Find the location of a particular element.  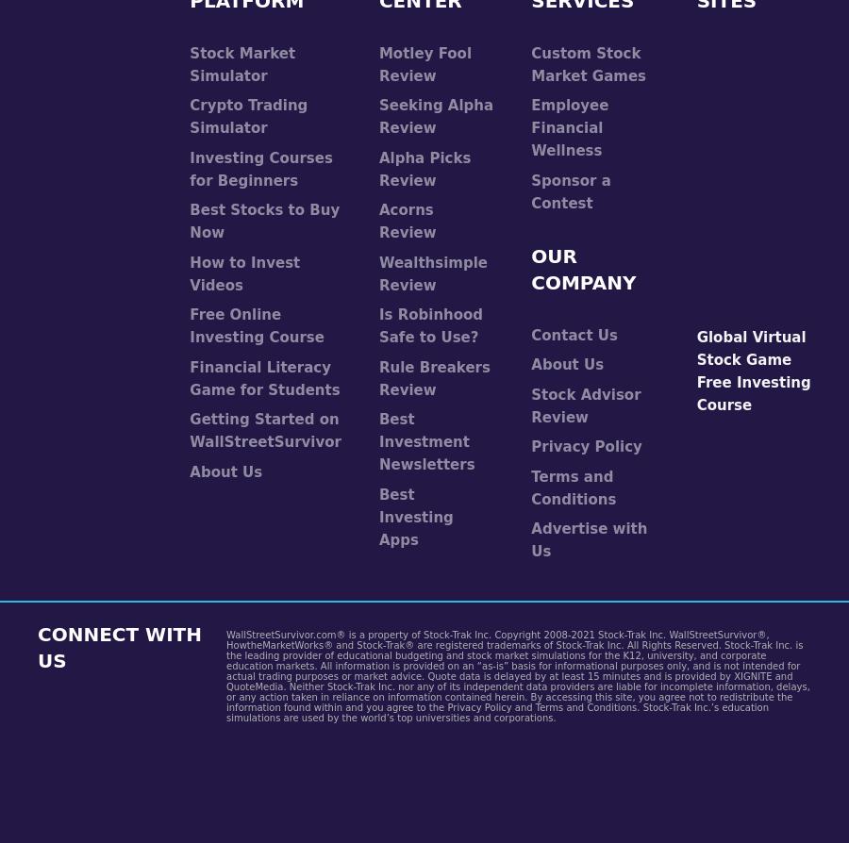

'Free Online Investing Course' is located at coordinates (255, 324).